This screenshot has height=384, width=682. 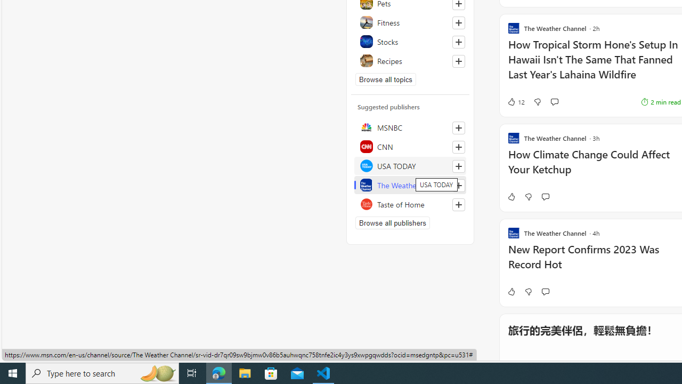 What do you see at coordinates (594, 262) in the screenshot?
I see `'New Report Confirms 2023 Was Record Hot'` at bounding box center [594, 262].